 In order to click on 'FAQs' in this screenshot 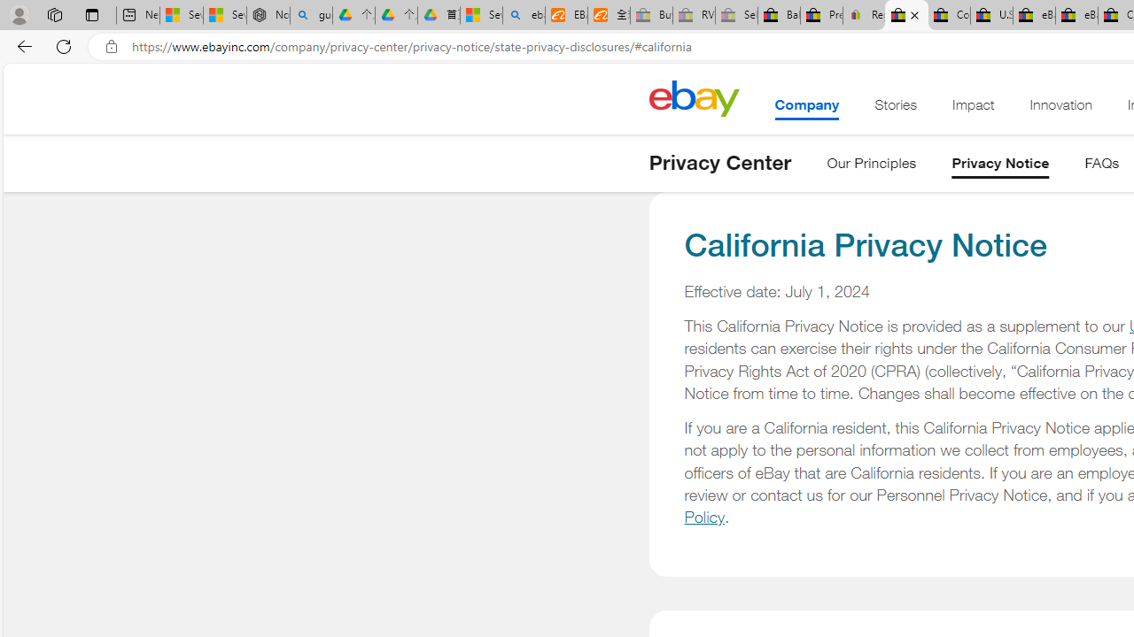, I will do `click(1101, 166)`.